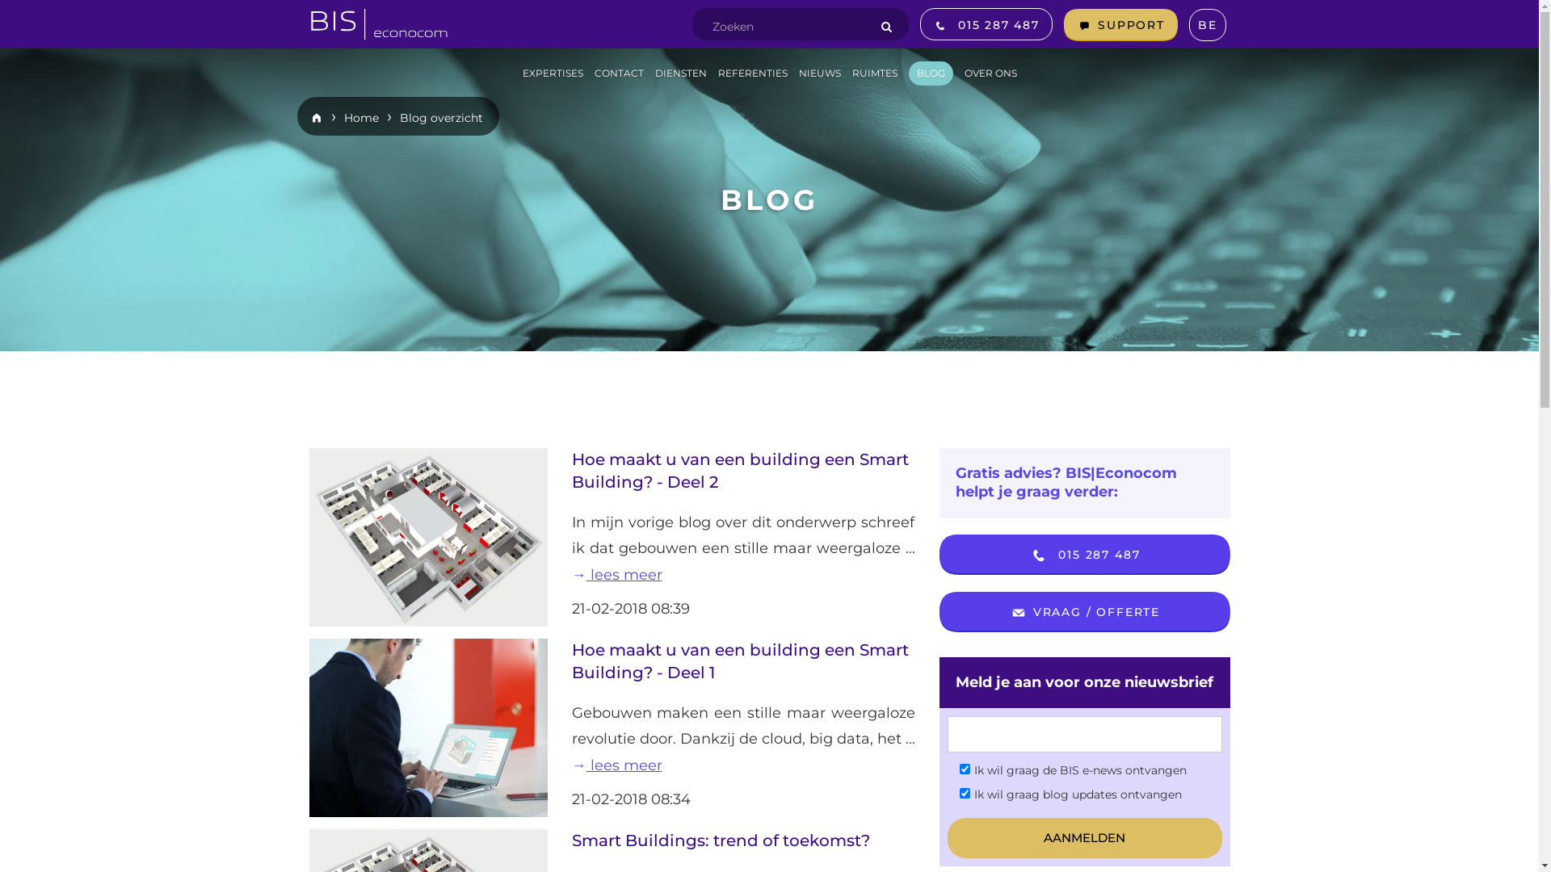 This screenshot has height=872, width=1551. Describe the element at coordinates (679, 73) in the screenshot. I see `'DIENSTEN'` at that location.